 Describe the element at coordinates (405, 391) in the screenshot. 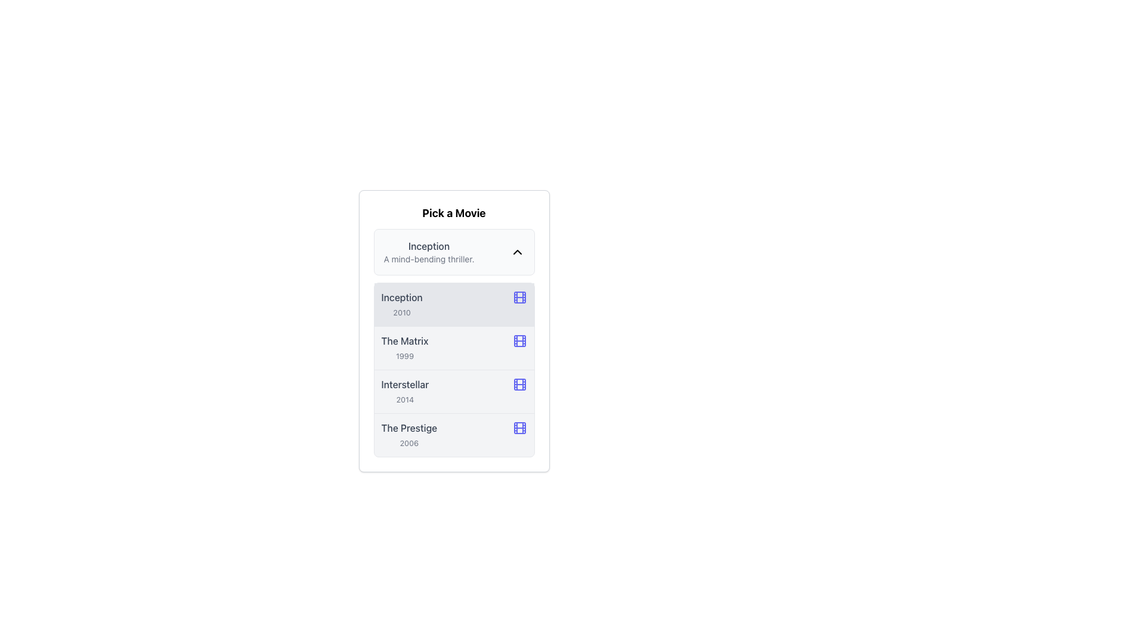

I see `the Text Display for the movie 'Interstellar (2014)' which is the third item in the vertical list of movies, located between 'The Matrix (1999)' and 'The Prestige (2006)'` at that location.